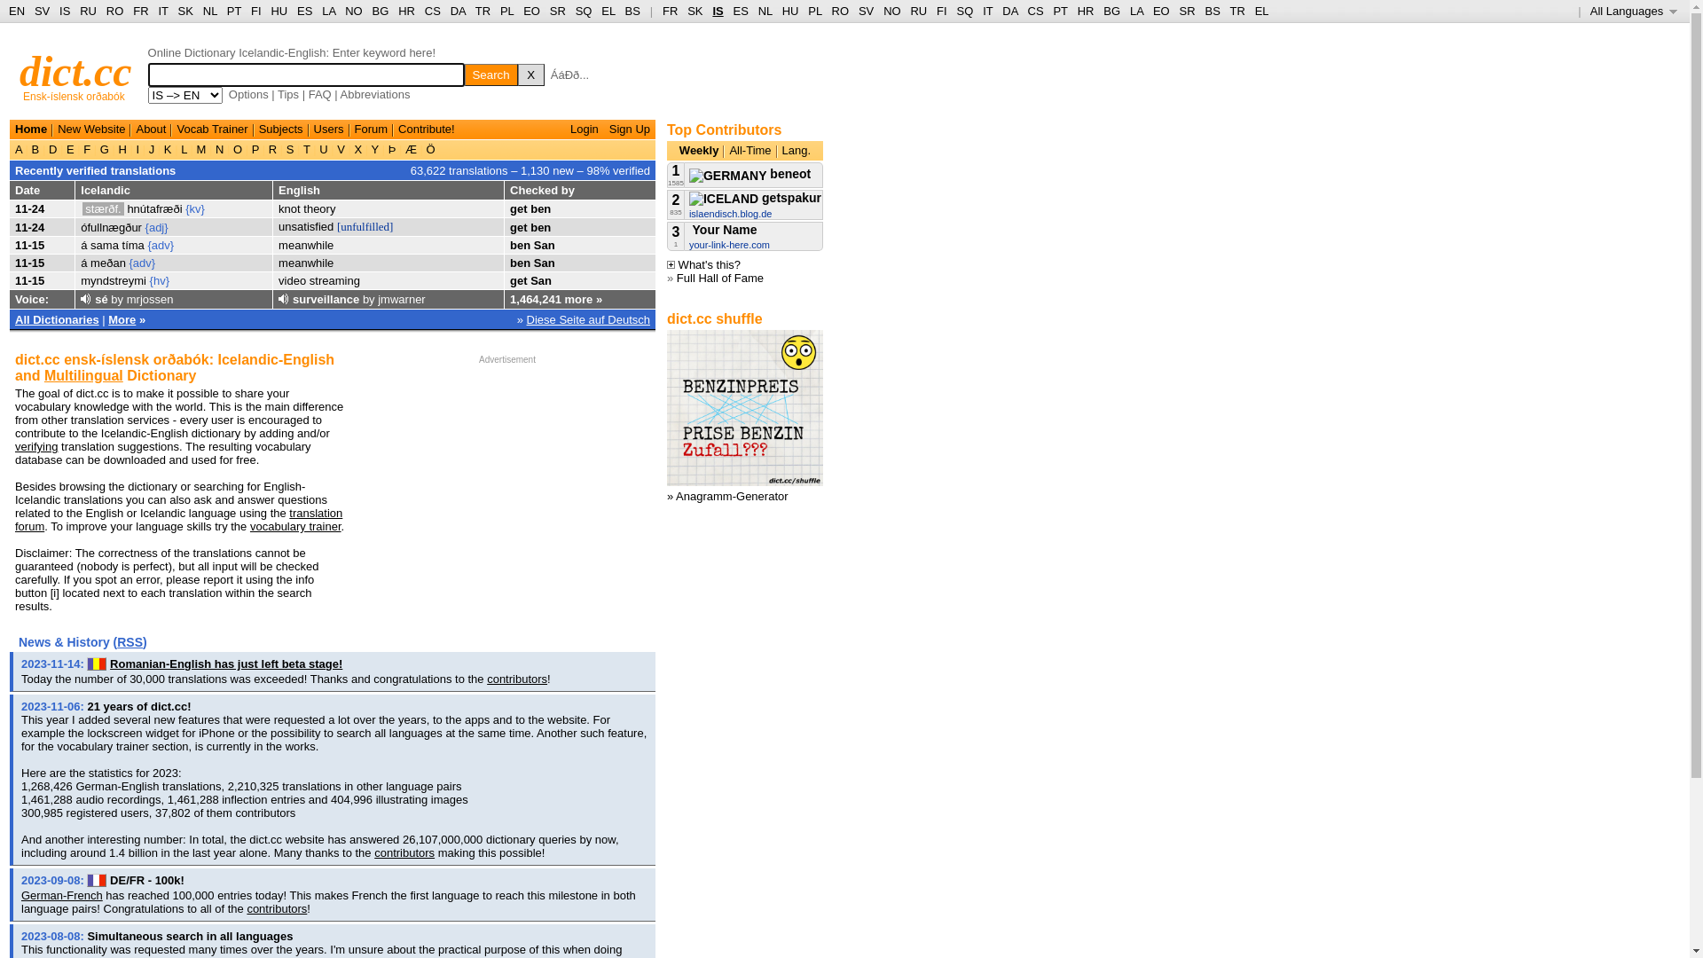 Image resolution: width=1703 pixels, height=958 pixels. I want to click on 'Login', so click(584, 128).